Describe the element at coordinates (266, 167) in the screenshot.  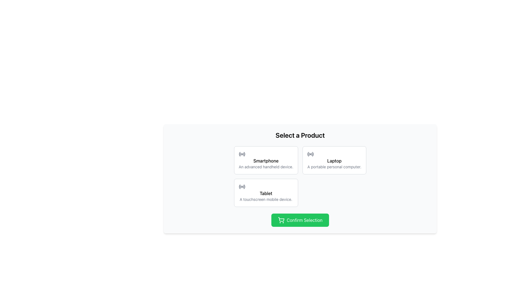
I see `the text label element that reads 'An advanced handheld device.' which is styled in grey and positioned below the 'Smartphone' text within a bordered card` at that location.